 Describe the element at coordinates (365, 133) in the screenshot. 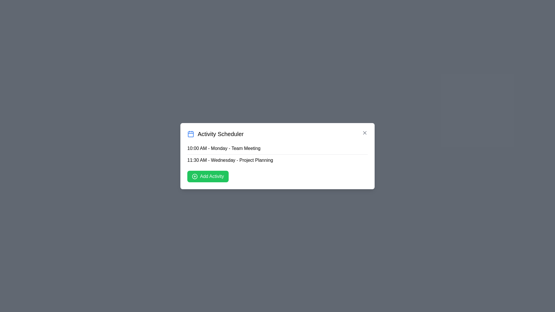

I see `the close icon to close the dialog` at that location.